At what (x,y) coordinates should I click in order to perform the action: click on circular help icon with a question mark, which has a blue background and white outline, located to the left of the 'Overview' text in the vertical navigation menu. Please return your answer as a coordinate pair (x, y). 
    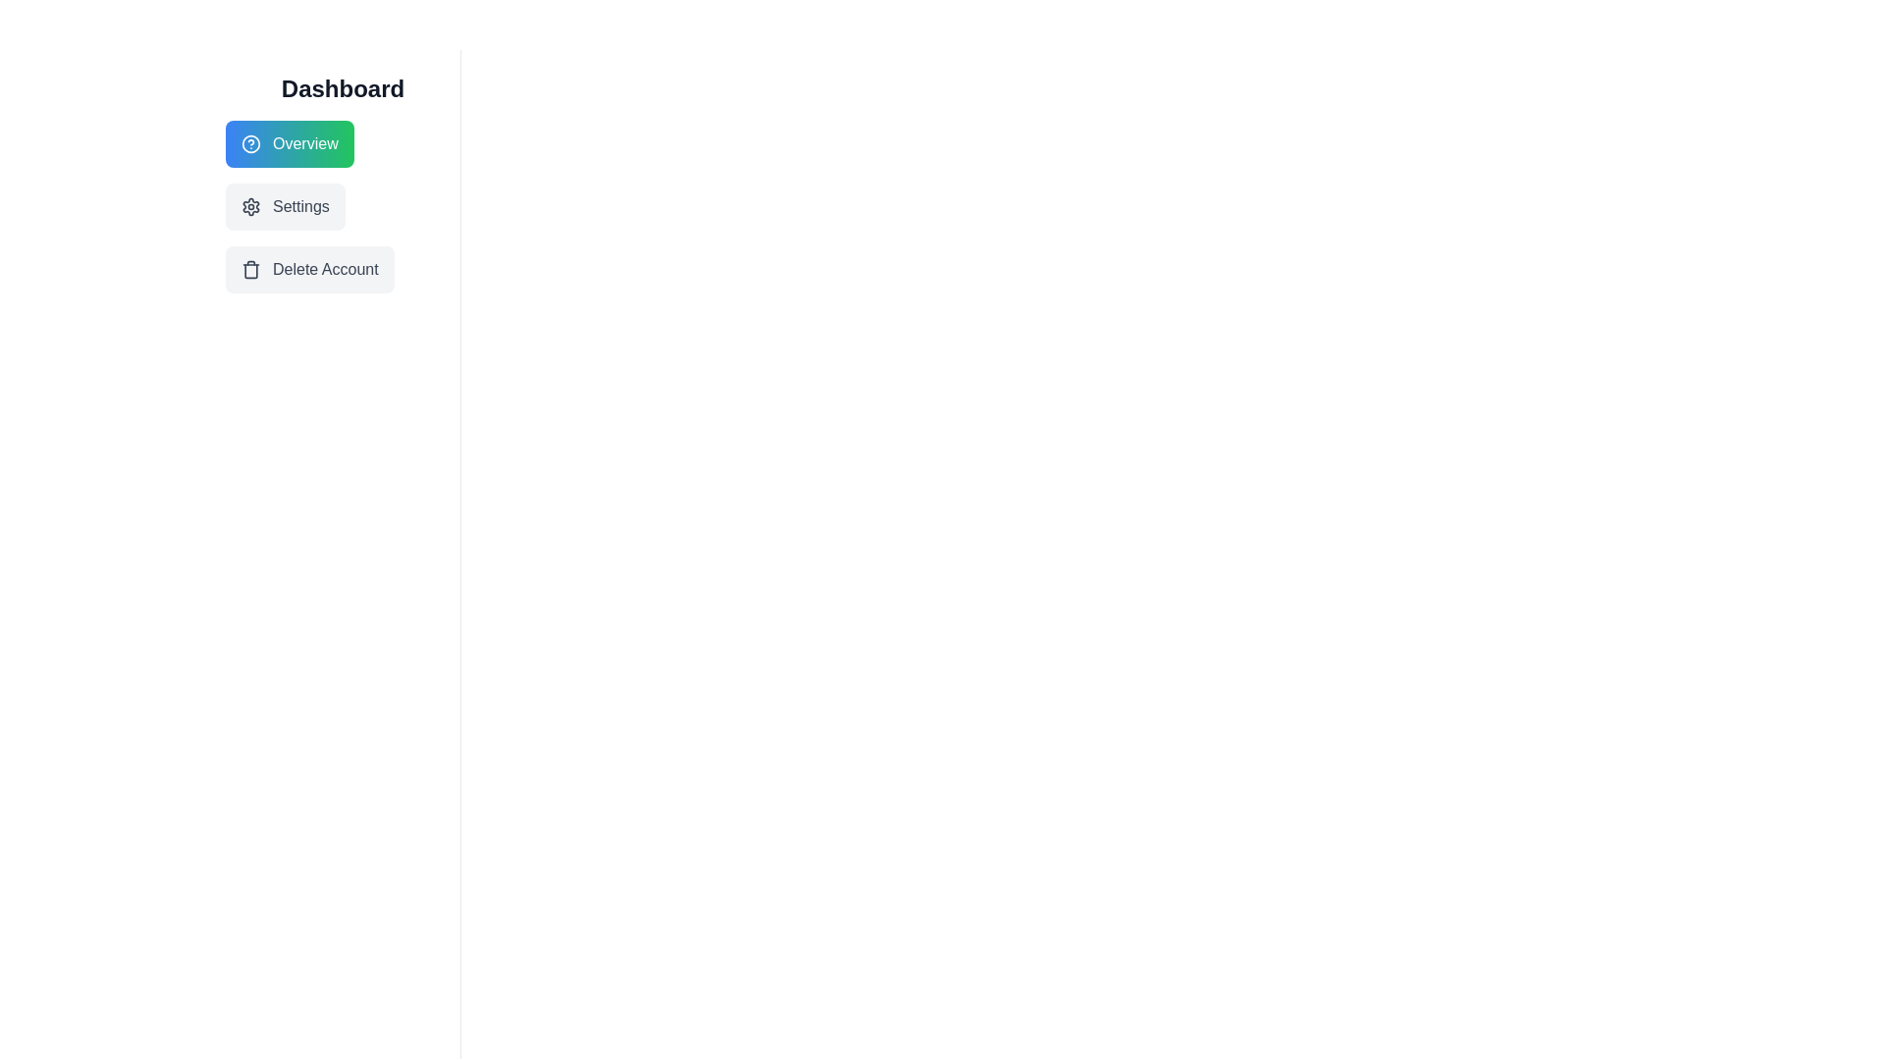
    Looking at the image, I should click on (249, 142).